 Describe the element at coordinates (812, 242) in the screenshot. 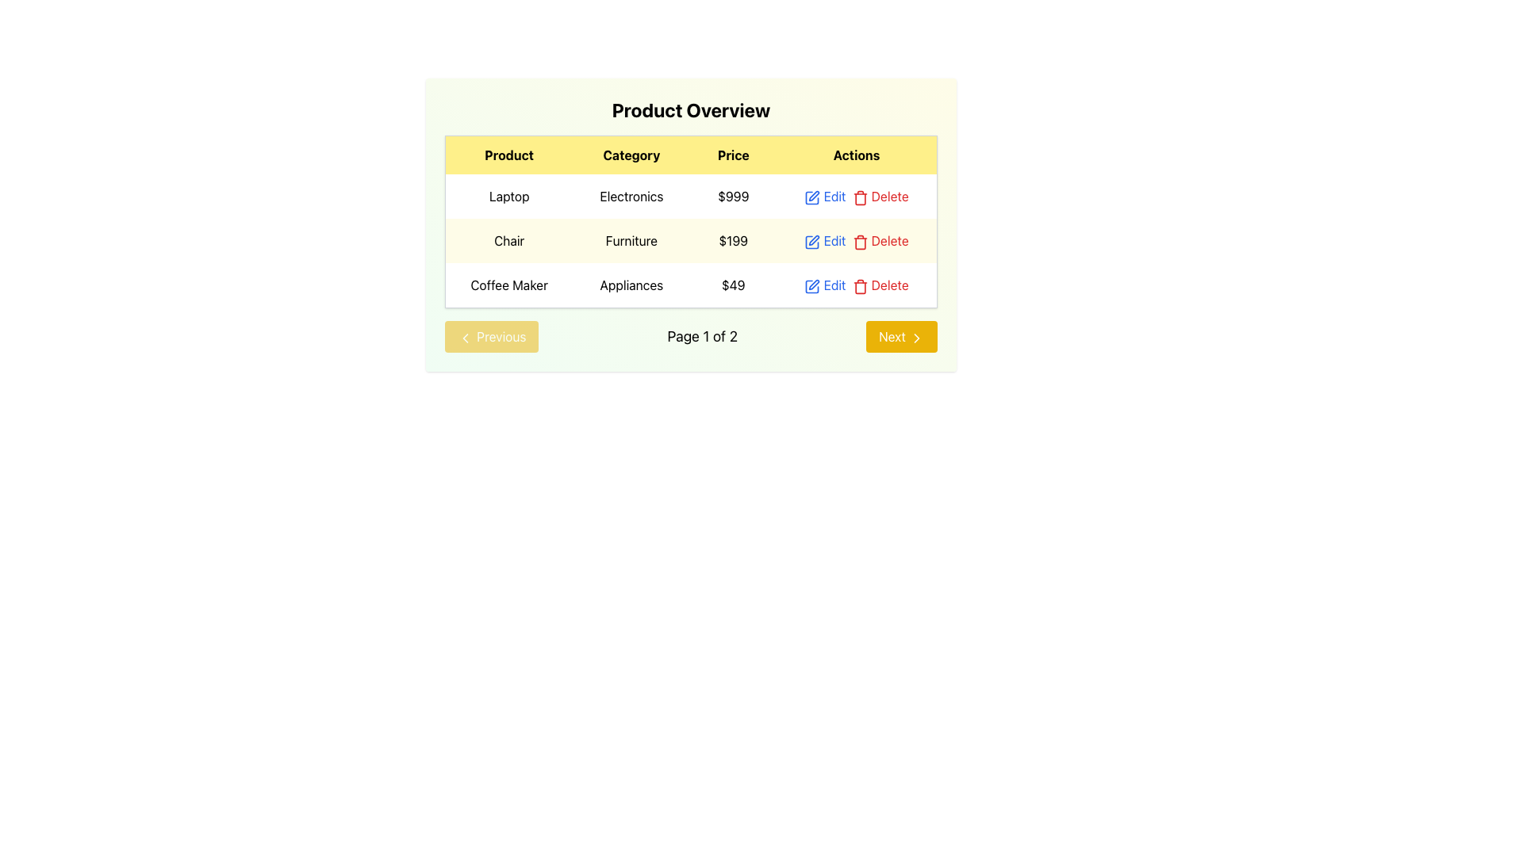

I see `the edit icon (pen) in the 'Actions' column of the second row to initiate editing the 'Chair' product details` at that location.